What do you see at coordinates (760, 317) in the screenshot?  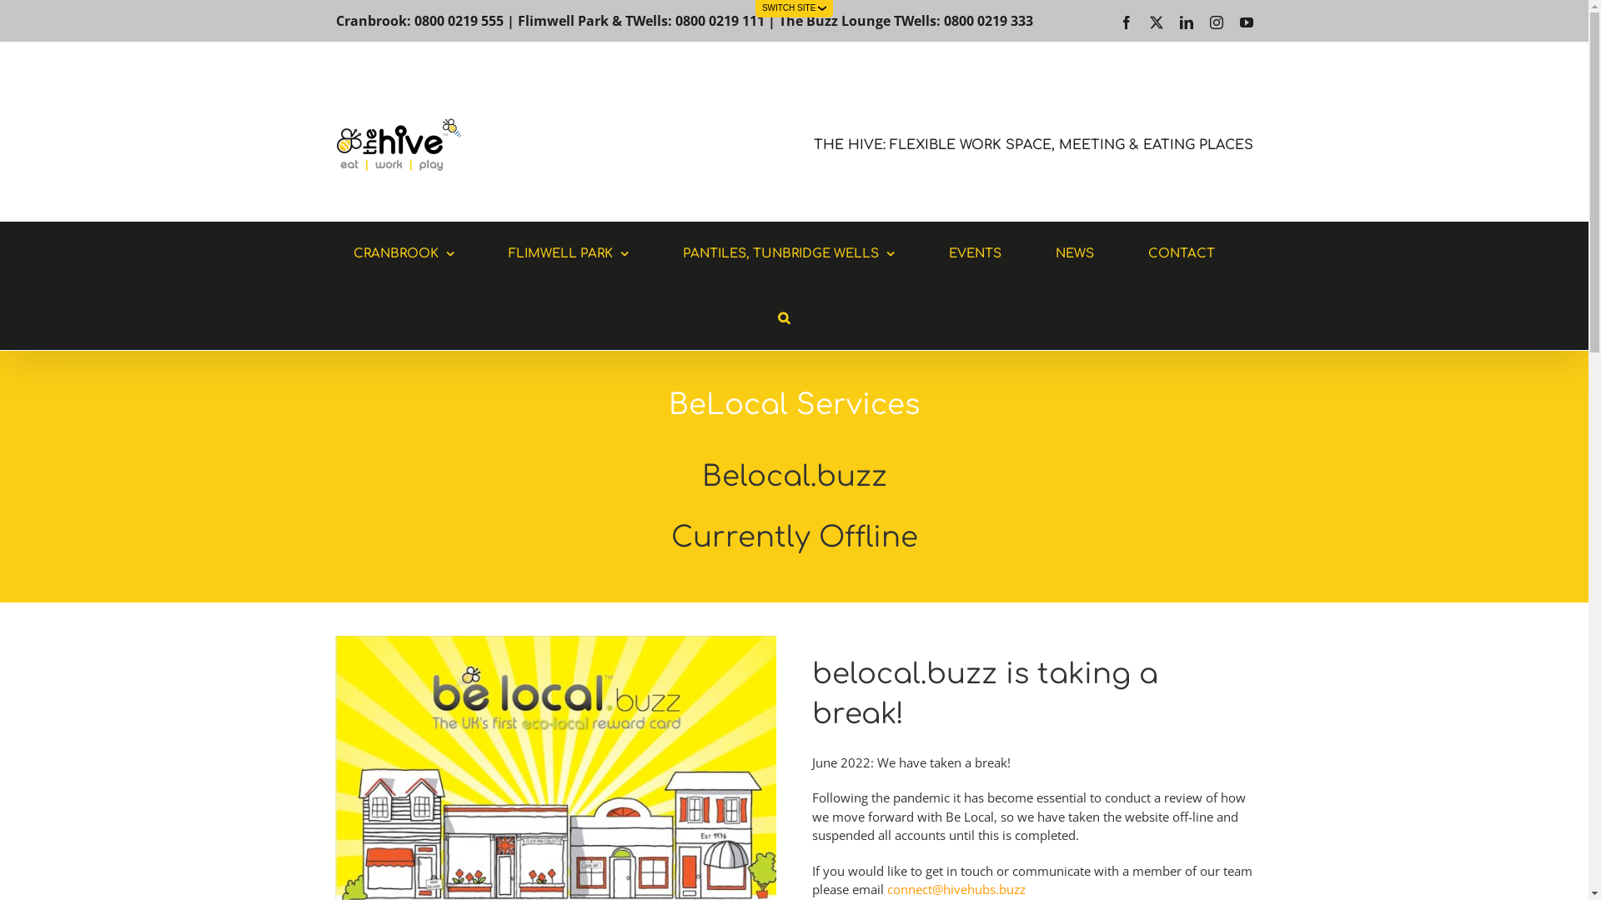 I see `'Search'` at bounding box center [760, 317].